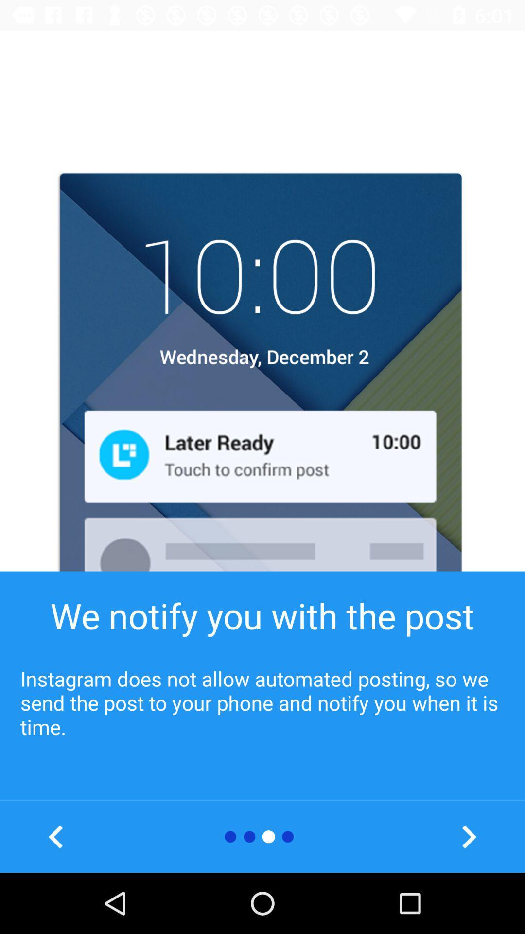  Describe the element at coordinates (468, 836) in the screenshot. I see `the arrow_forward icon` at that location.